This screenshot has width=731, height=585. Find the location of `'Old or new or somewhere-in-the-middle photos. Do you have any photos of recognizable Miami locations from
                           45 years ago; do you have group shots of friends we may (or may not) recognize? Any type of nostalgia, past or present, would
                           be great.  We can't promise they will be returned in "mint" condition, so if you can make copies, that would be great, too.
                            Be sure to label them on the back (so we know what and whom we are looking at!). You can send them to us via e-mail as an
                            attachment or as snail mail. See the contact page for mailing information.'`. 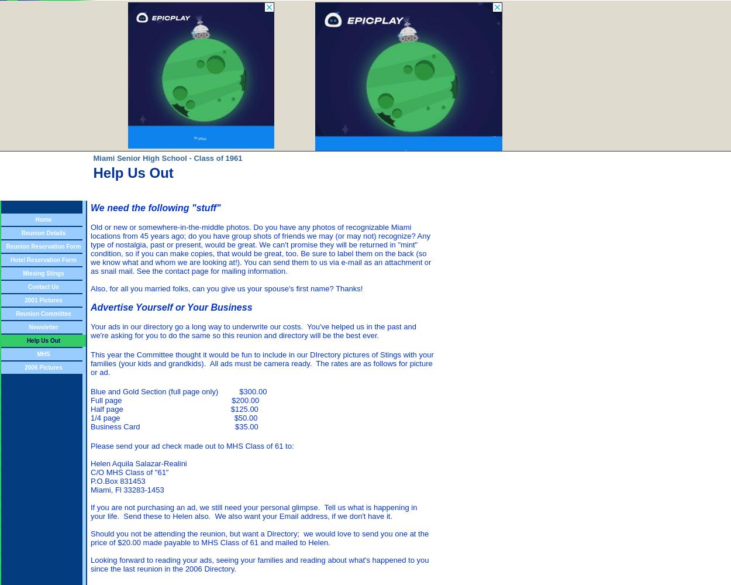

'Old or new or somewhere-in-the-middle photos. Do you have any photos of recognizable Miami locations from
                           45 years ago; do you have group shots of friends we may (or may not) recognize? Any type of nostalgia, past or present, would
                           be great.  We can't promise they will be returned in "mint" condition, so if you can make copies, that would be great, too.
                            Be sure to label them on the back (so we know what and whom we are looking at!). You can send them to us via e-mail as an
                            attachment or as snail mail. See the contact page for mailing information.' is located at coordinates (260, 249).